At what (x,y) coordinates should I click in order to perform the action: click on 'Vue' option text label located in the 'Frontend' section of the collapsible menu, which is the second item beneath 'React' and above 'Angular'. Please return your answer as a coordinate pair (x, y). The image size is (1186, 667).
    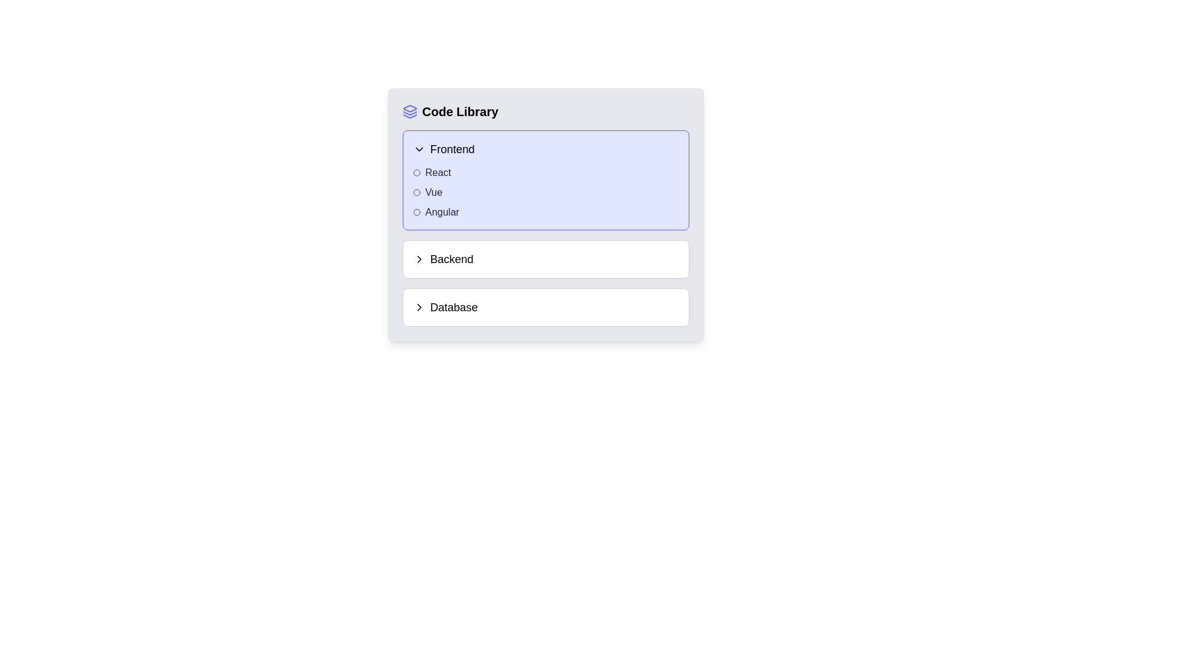
    Looking at the image, I should click on (434, 193).